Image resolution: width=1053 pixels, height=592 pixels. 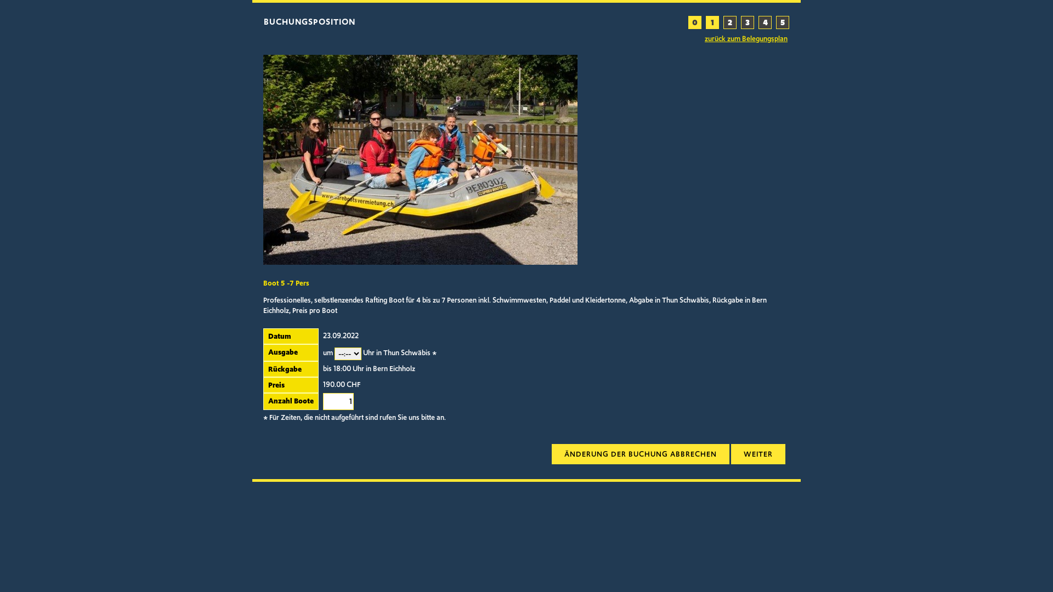 I want to click on 'weiter zur Uebersicht', so click(x=757, y=454).